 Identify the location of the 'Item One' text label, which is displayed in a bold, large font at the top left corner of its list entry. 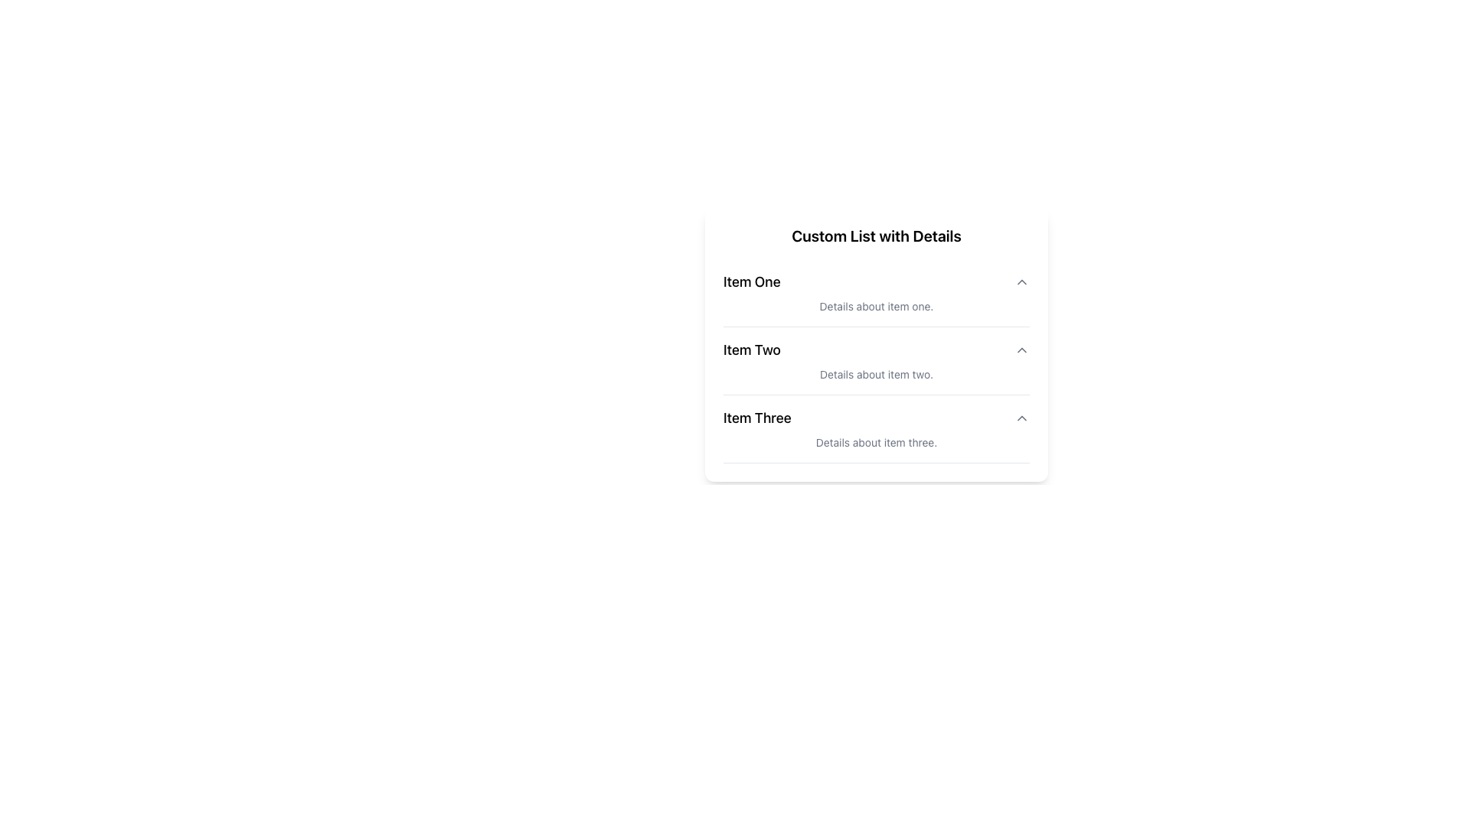
(752, 282).